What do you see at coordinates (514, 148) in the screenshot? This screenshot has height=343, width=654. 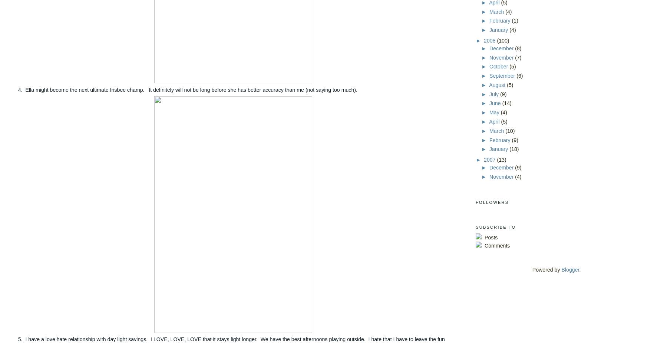 I see `'(18)'` at bounding box center [514, 148].